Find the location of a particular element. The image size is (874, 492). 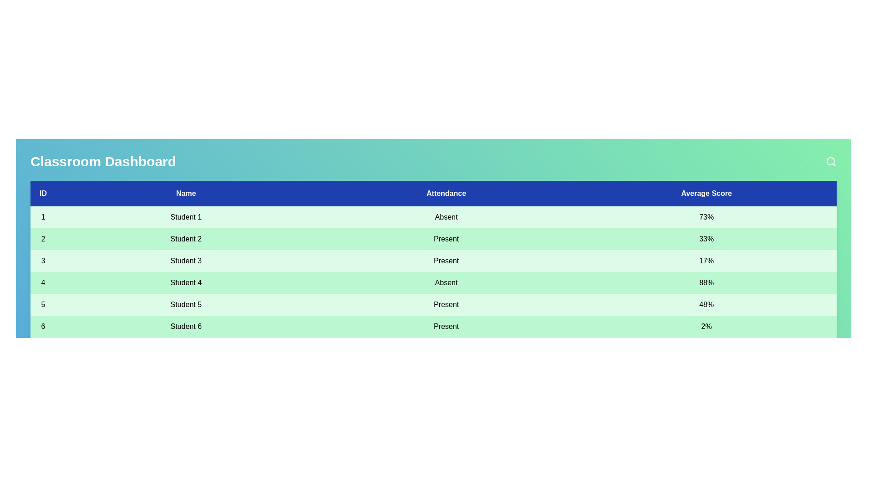

the search icon to initiate a search is located at coordinates (831, 161).